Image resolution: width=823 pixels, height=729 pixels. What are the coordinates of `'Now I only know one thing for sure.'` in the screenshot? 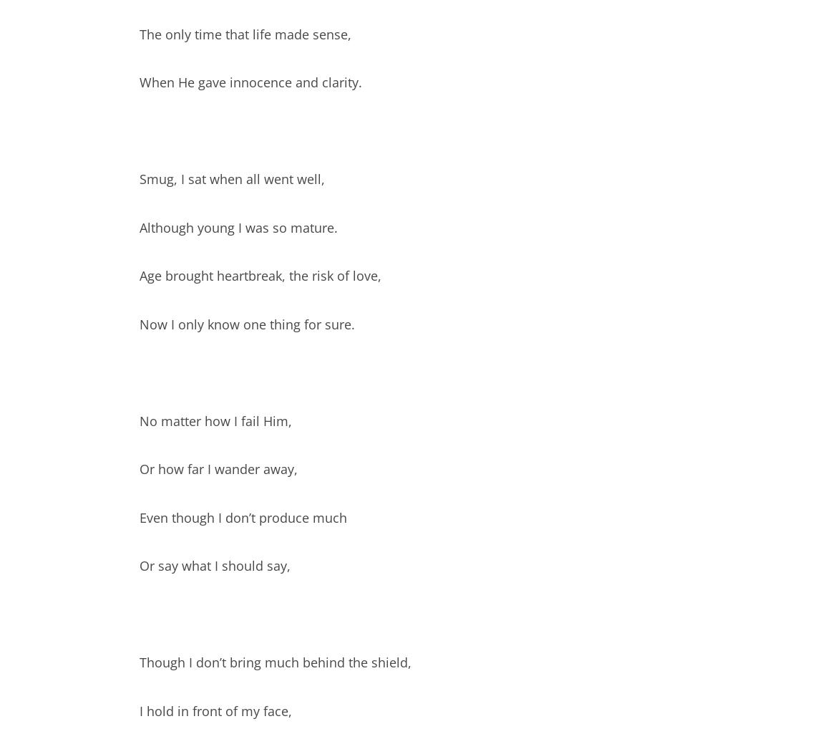 It's located at (247, 322).